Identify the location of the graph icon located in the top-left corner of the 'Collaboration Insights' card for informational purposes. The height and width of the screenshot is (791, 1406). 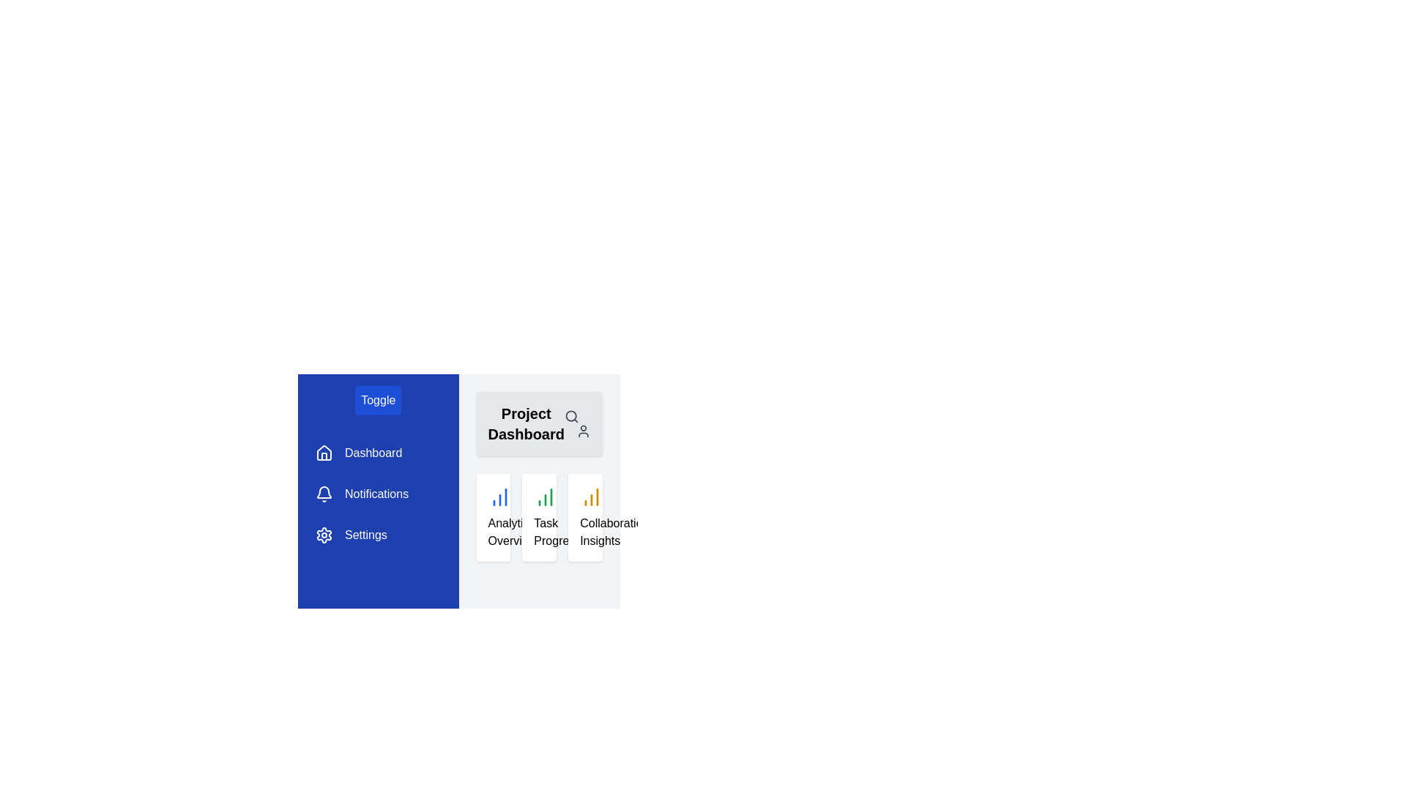
(592, 496).